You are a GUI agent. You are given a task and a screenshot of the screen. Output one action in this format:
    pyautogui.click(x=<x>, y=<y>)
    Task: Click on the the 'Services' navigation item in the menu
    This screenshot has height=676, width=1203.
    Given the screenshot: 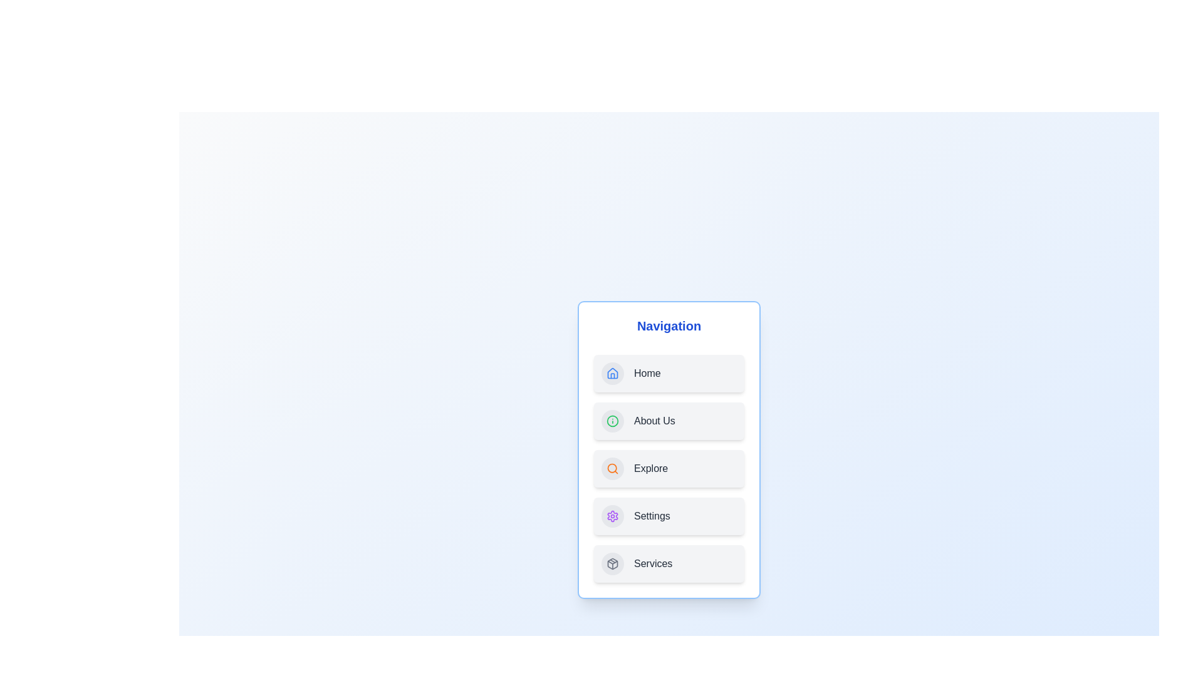 What is the action you would take?
    pyautogui.click(x=669, y=564)
    